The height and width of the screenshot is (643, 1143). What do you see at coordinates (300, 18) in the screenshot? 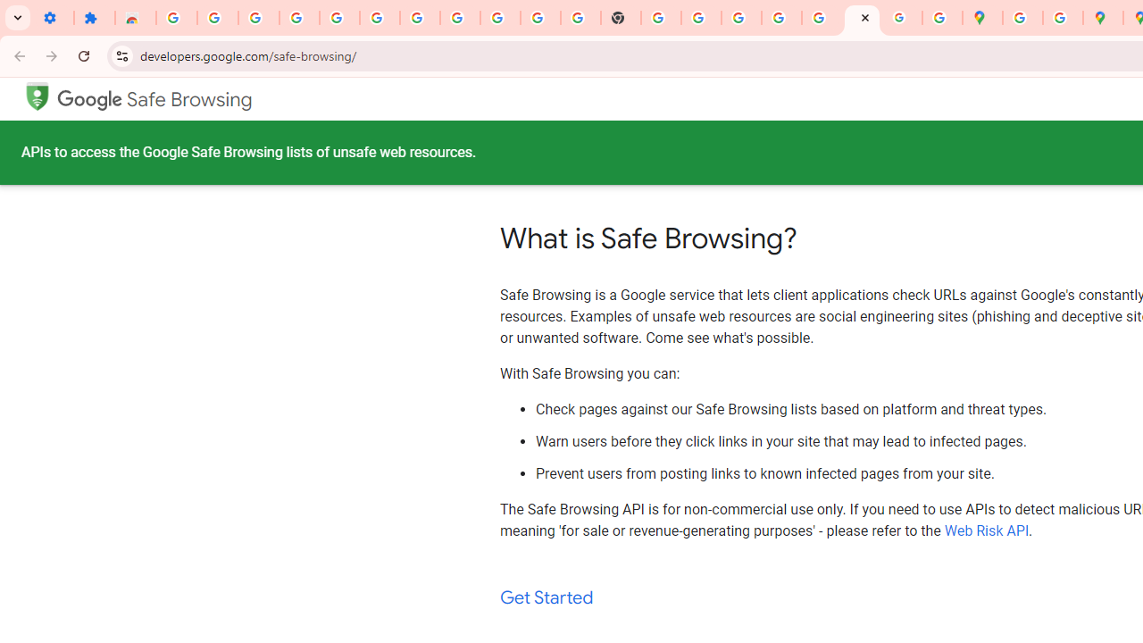
I see `'Delete photos & videos - Computer - Google Photos Help'` at bounding box center [300, 18].